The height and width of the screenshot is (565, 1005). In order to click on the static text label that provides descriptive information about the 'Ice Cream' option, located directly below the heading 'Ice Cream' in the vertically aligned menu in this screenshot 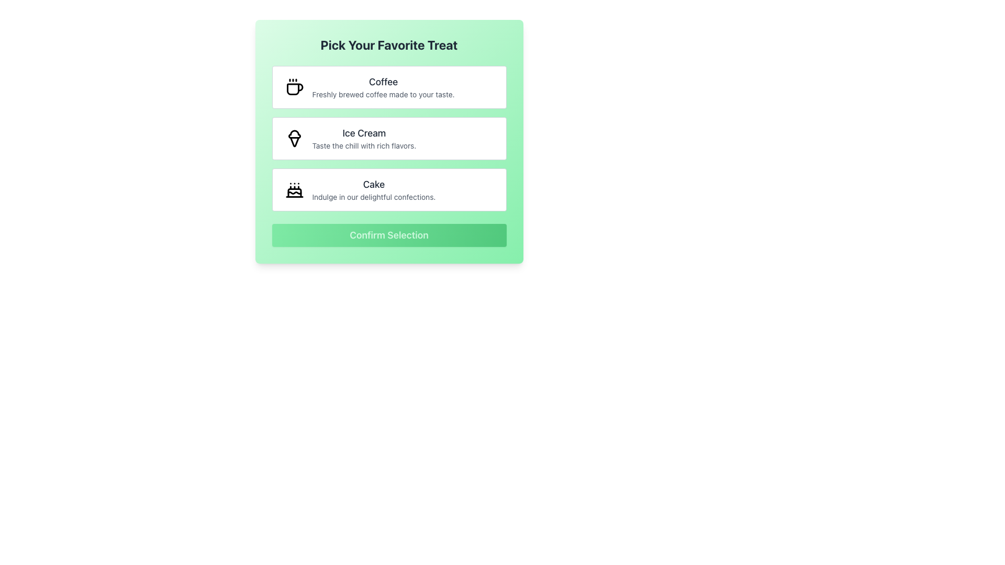, I will do `click(364, 145)`.